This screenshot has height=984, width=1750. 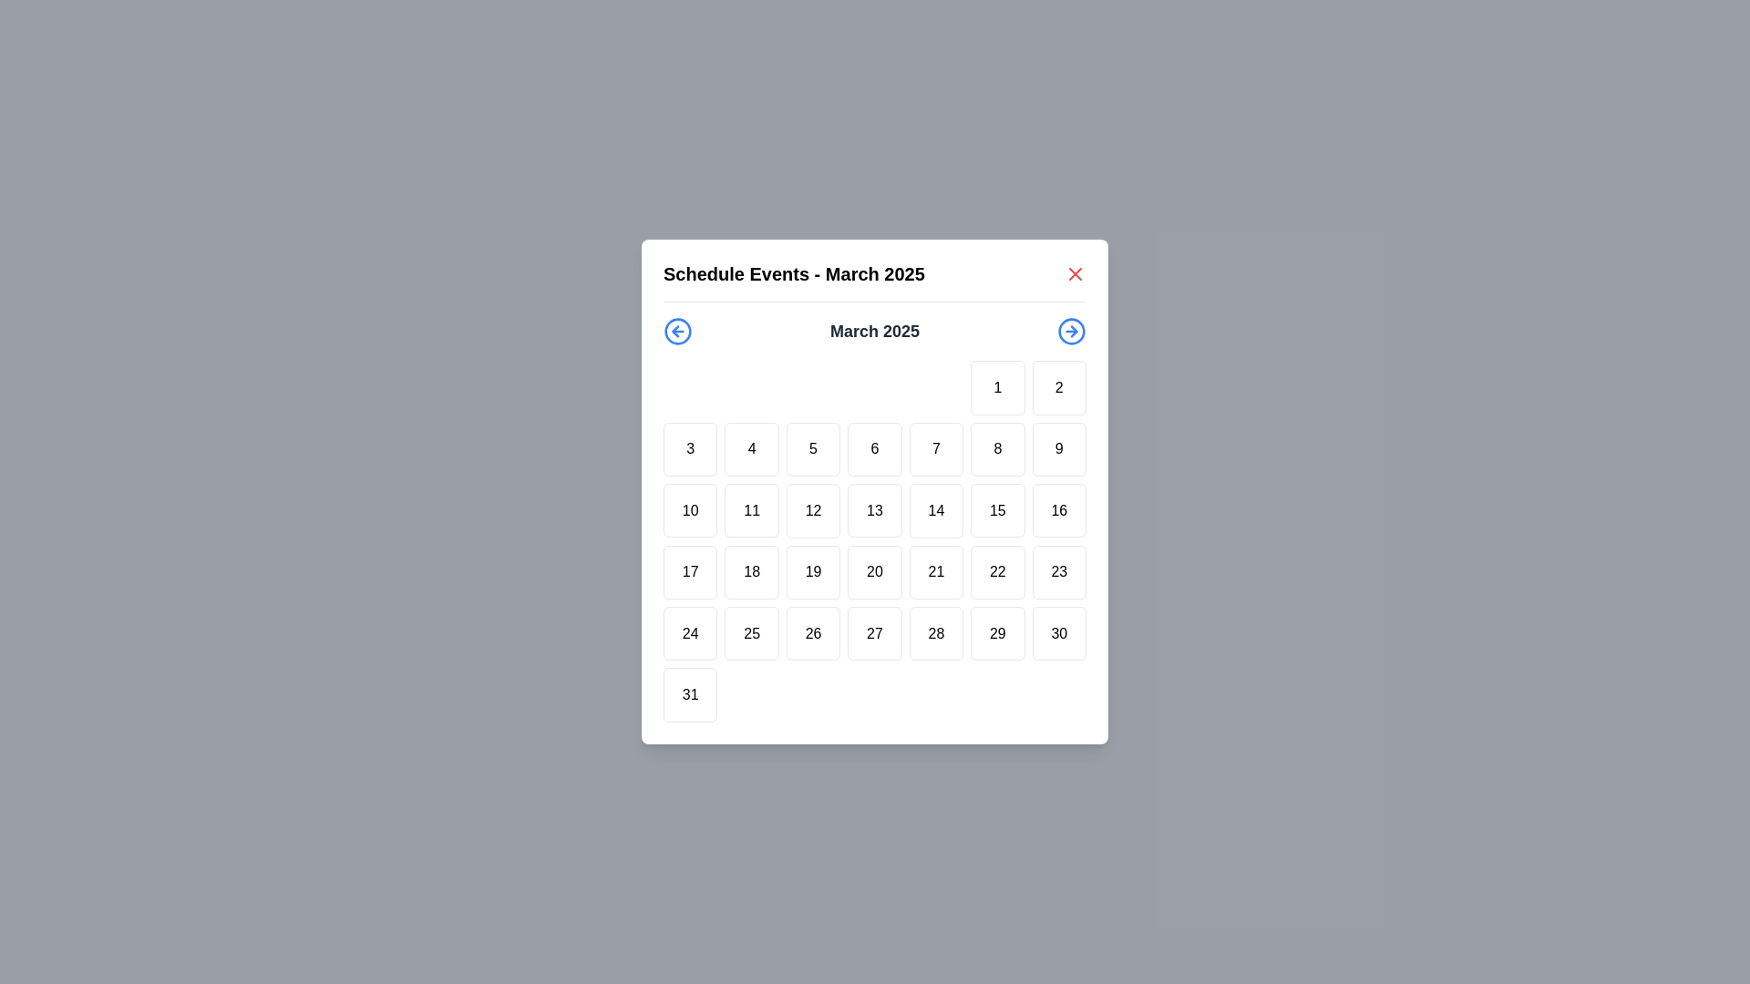 I want to click on the button that represents the 4th day of the month in the 'Schedule Events - March 2025' modal dialog, so click(x=752, y=449).